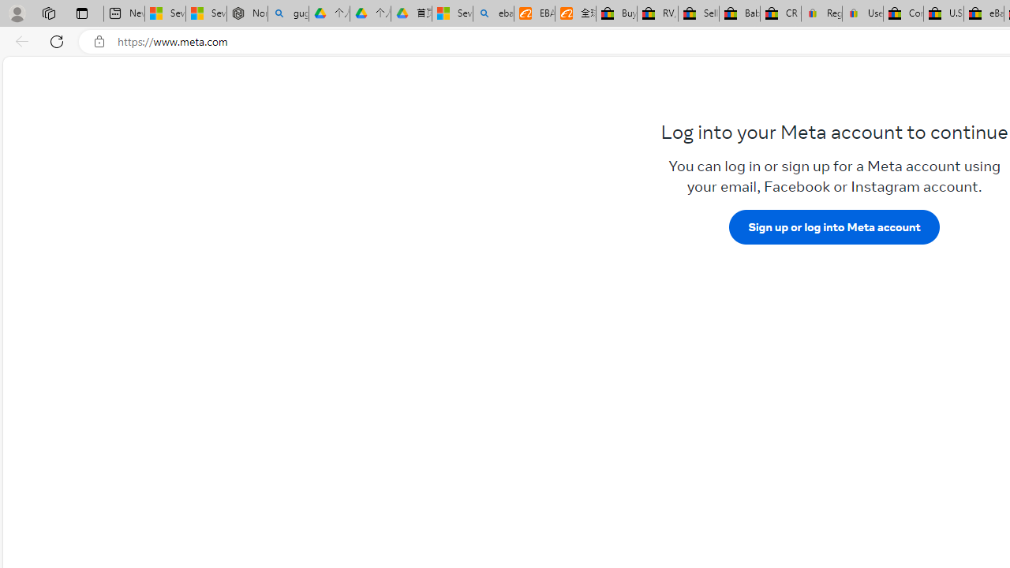 The image size is (1010, 568). What do you see at coordinates (833, 226) in the screenshot?
I see `'Sign up or log into Meta account'` at bounding box center [833, 226].